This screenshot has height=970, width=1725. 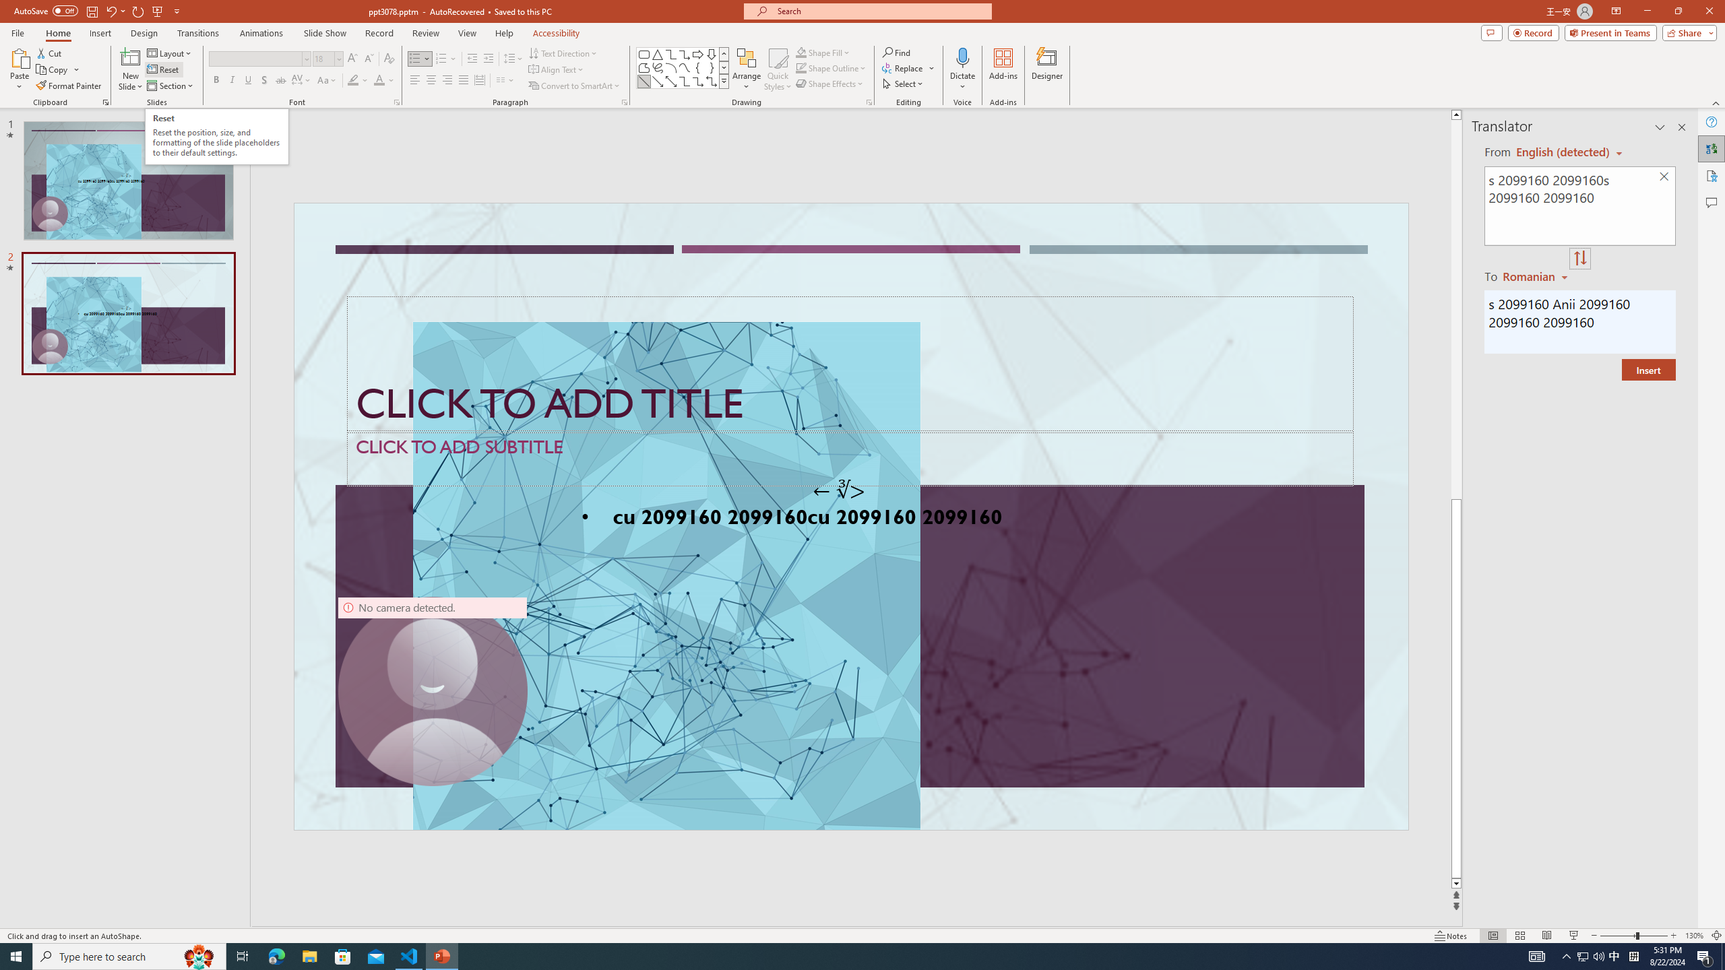 What do you see at coordinates (684, 67) in the screenshot?
I see `'Curve'` at bounding box center [684, 67].